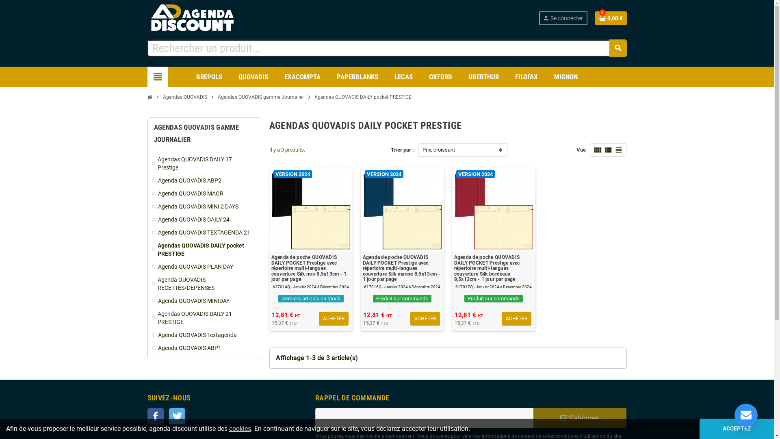 The height and width of the screenshot is (439, 780). What do you see at coordinates (152, 283) in the screenshot?
I see `'Agenda QUOVADIS RECETTES/DEPENSES'` at bounding box center [152, 283].